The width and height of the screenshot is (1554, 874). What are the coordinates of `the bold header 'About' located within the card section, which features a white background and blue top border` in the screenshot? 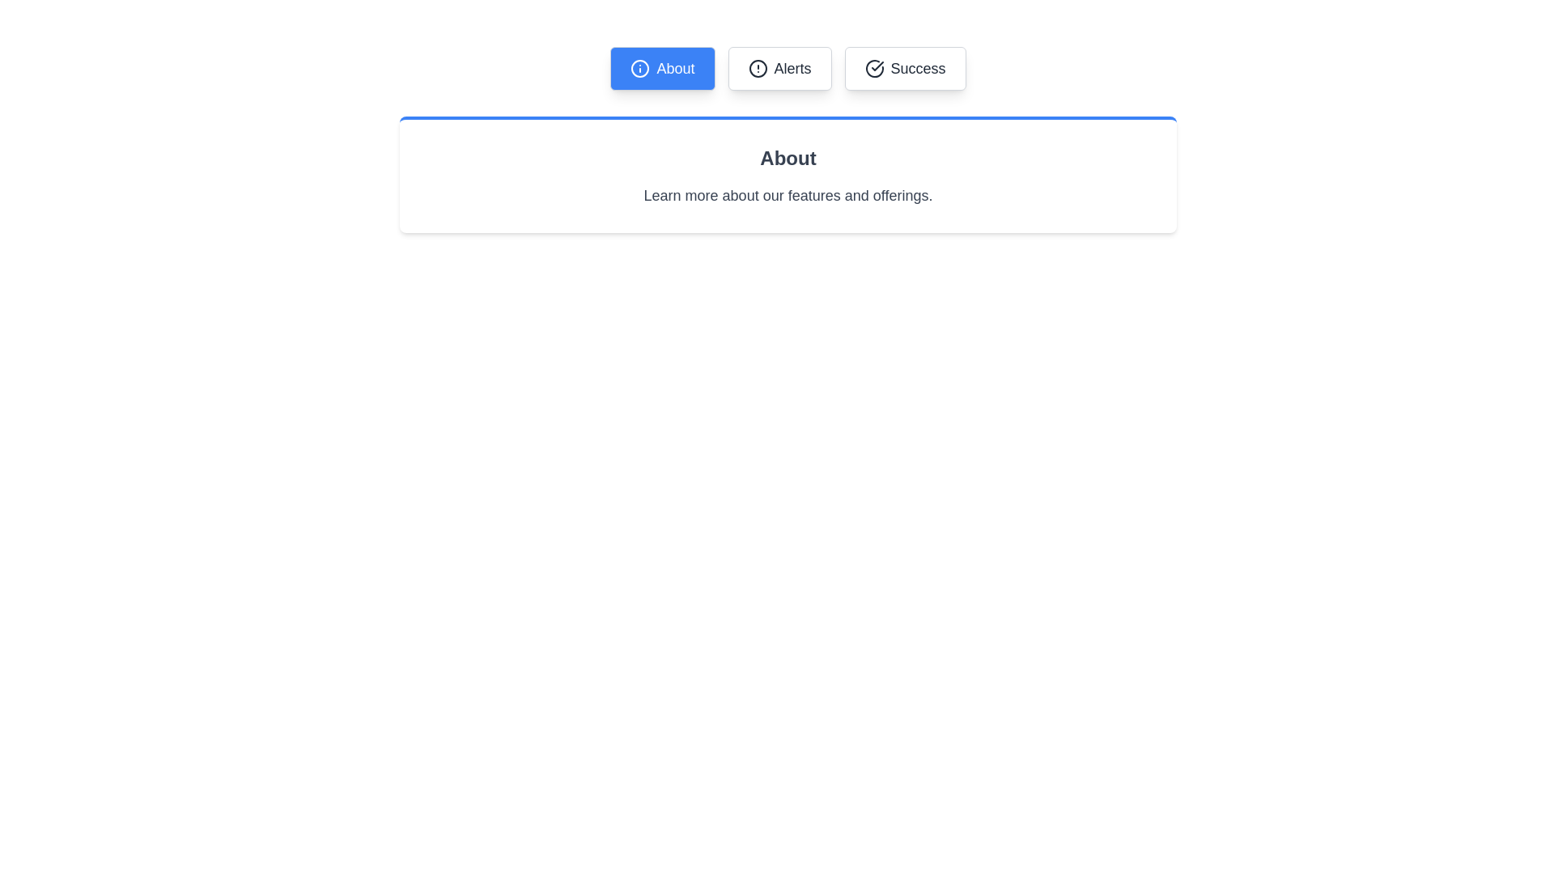 It's located at (788, 159).